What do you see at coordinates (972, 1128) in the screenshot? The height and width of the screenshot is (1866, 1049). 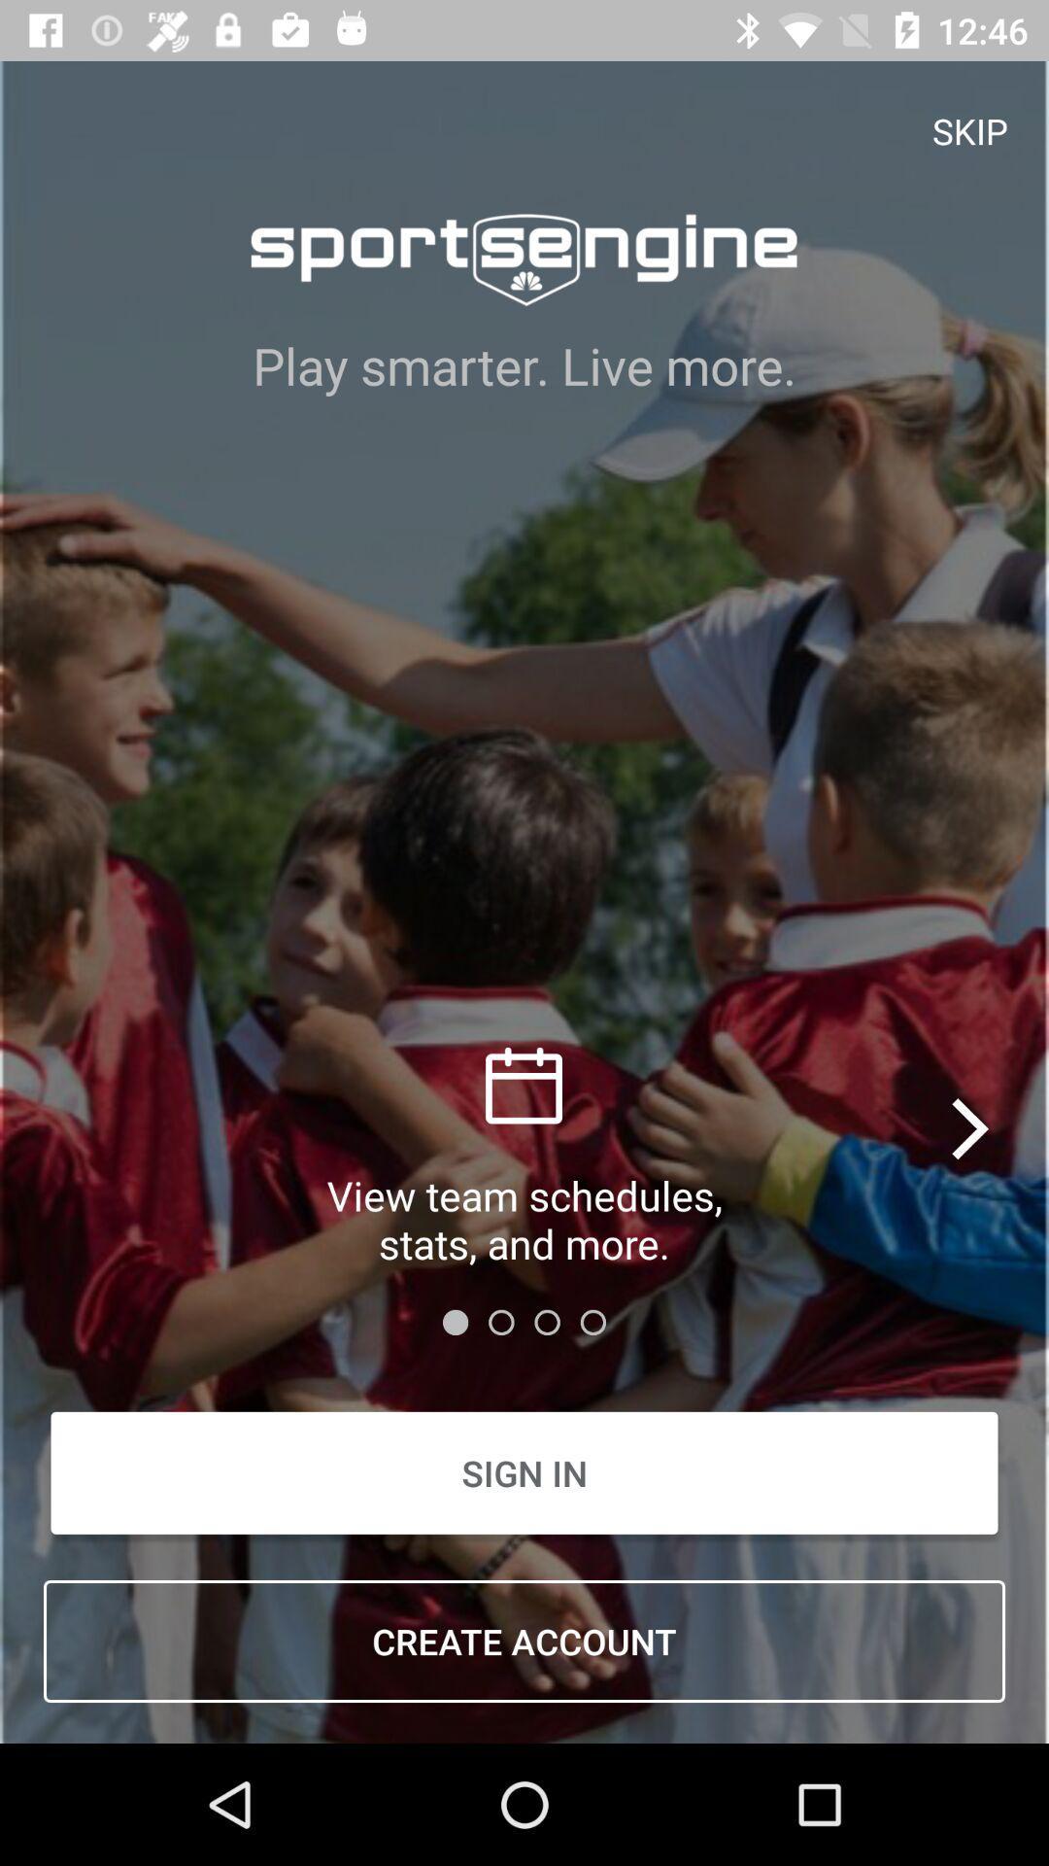 I see `the icon below play smarter live` at bounding box center [972, 1128].